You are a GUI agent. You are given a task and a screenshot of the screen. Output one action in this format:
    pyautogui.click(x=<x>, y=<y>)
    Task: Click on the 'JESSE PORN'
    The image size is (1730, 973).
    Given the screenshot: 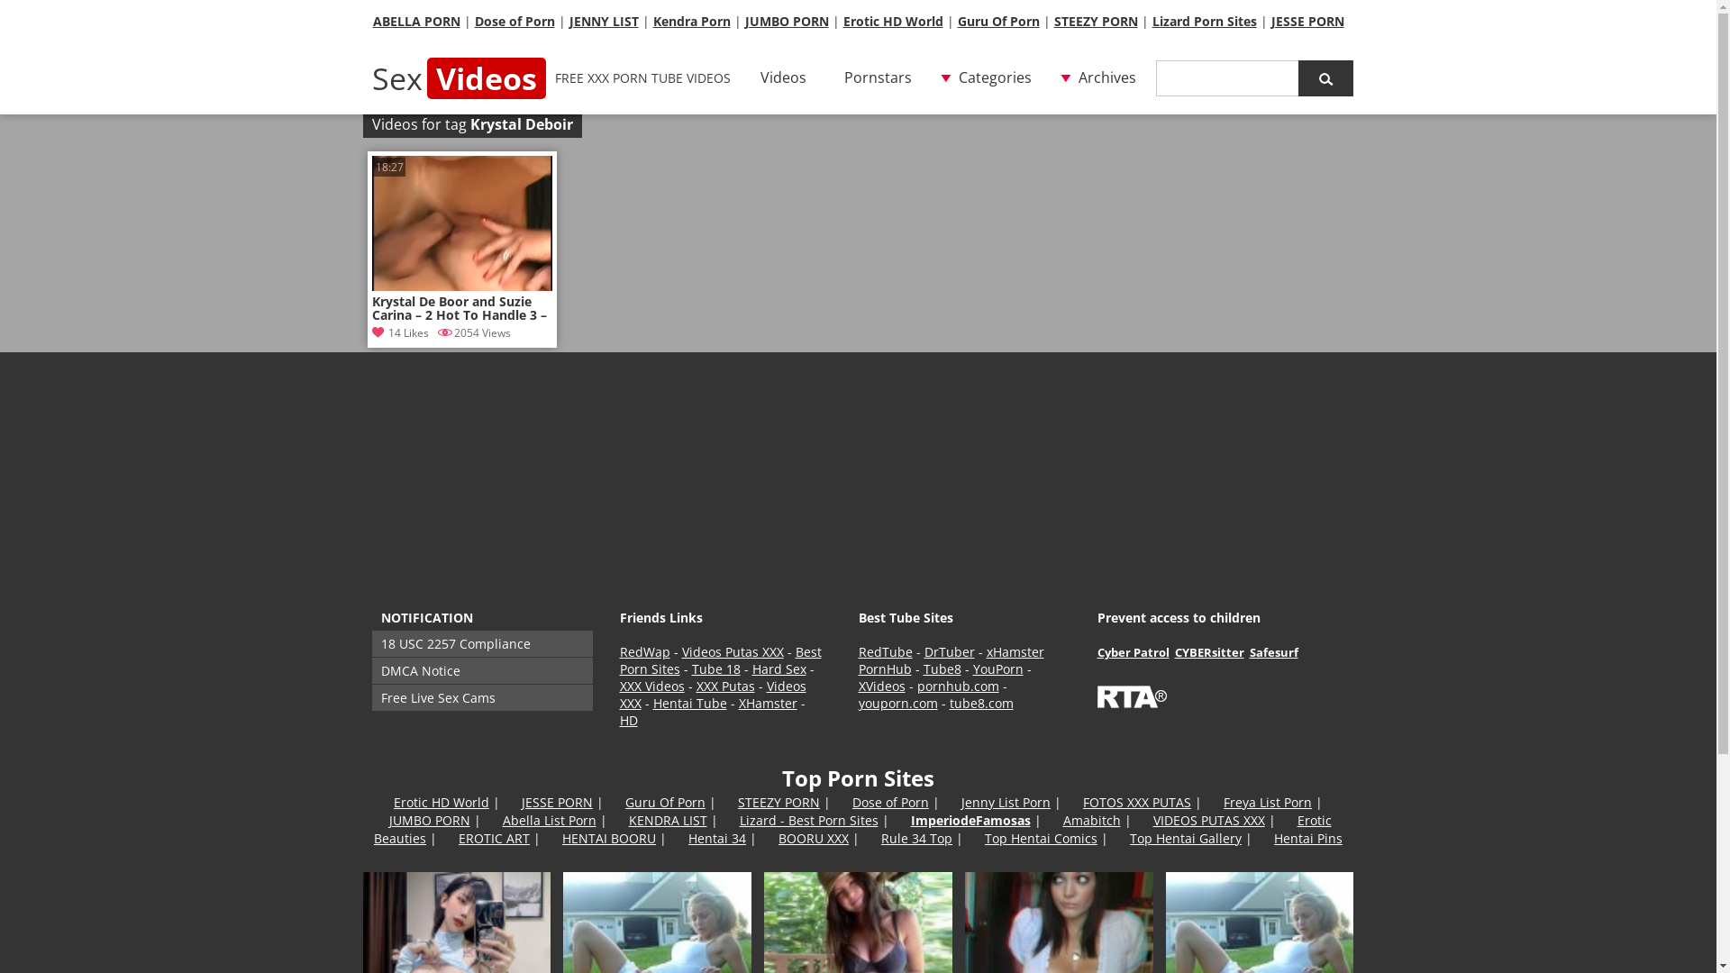 What is the action you would take?
    pyautogui.click(x=521, y=801)
    